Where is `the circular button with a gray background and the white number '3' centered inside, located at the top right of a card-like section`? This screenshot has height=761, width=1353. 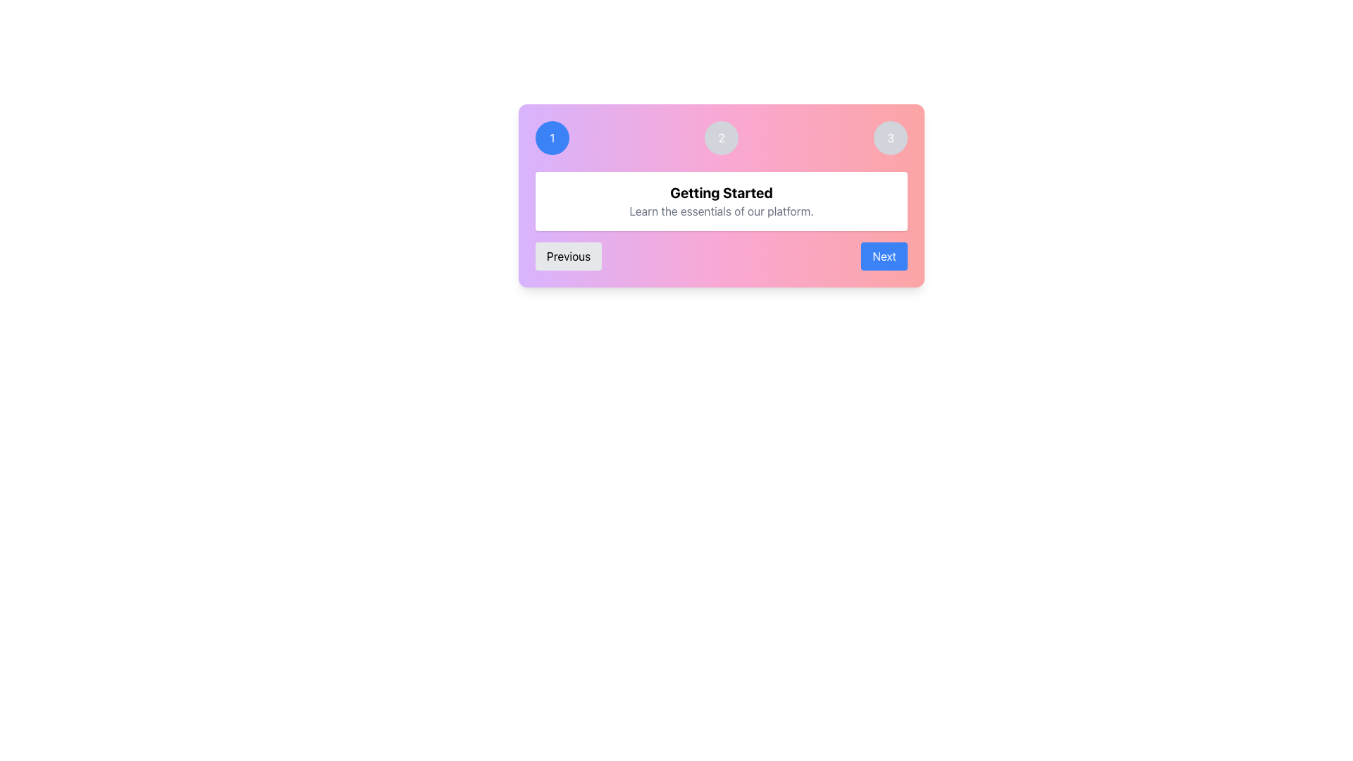
the circular button with a gray background and the white number '3' centered inside, located at the top right of a card-like section is located at coordinates (889, 138).